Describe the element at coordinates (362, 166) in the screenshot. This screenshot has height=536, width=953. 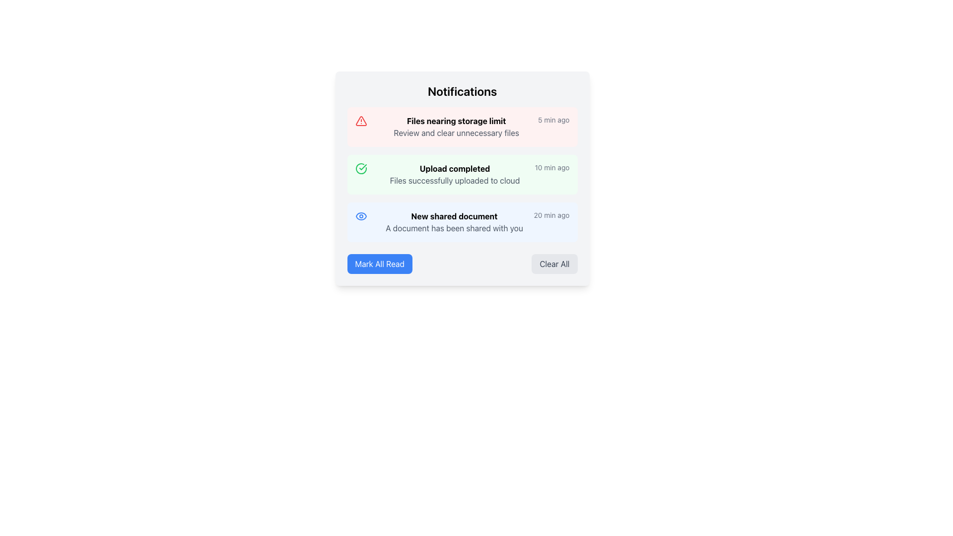
I see `the green checkmark icon indicating successful completion associated with the second notification in the vertical list of notifications` at that location.